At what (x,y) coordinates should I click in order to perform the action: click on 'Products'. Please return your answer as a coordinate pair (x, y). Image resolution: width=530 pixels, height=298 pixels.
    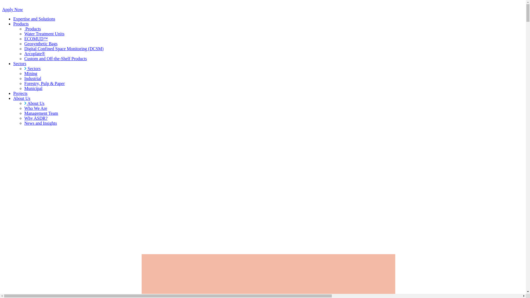
    Looking at the image, I should click on (21, 23).